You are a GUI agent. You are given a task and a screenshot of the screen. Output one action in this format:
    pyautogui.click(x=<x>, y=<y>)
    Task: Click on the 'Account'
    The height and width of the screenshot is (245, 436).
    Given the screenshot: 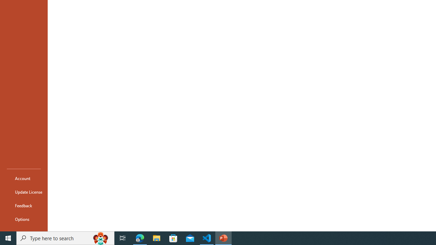 What is the action you would take?
    pyautogui.click(x=24, y=178)
    